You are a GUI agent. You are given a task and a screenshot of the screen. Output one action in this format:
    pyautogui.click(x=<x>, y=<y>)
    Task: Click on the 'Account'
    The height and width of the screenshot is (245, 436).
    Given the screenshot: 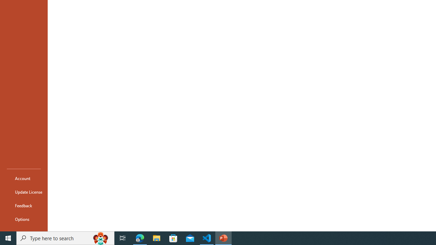 What is the action you would take?
    pyautogui.click(x=24, y=178)
    